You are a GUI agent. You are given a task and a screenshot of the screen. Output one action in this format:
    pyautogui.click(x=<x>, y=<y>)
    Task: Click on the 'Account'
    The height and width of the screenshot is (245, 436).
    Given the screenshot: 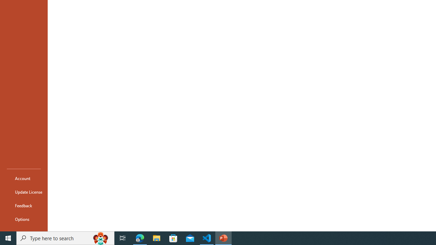 What is the action you would take?
    pyautogui.click(x=24, y=178)
    